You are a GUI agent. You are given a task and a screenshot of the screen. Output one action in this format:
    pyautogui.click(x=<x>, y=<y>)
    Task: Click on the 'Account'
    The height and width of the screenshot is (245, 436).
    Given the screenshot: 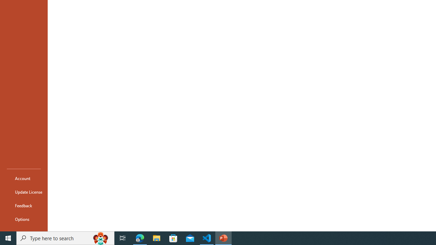 What is the action you would take?
    pyautogui.click(x=24, y=178)
    